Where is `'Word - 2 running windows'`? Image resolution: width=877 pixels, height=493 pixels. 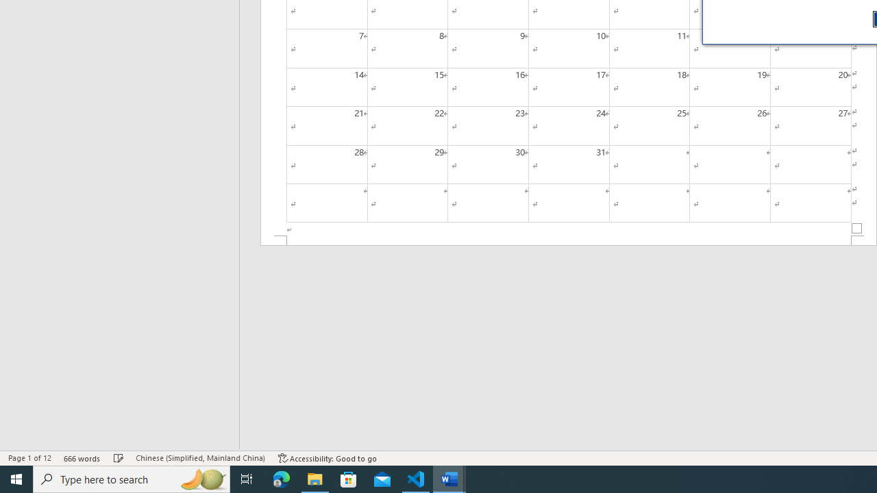 'Word - 2 running windows' is located at coordinates (449, 478).